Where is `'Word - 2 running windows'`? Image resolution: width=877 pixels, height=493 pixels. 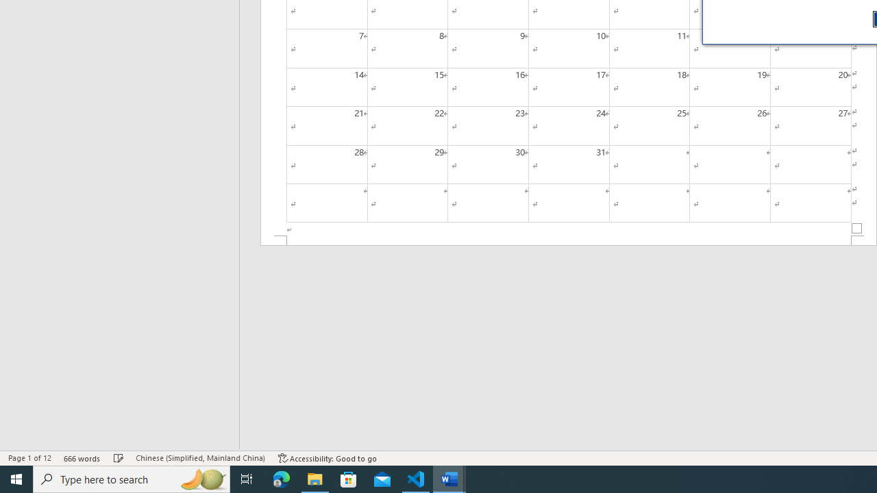 'Word - 2 running windows' is located at coordinates (449, 478).